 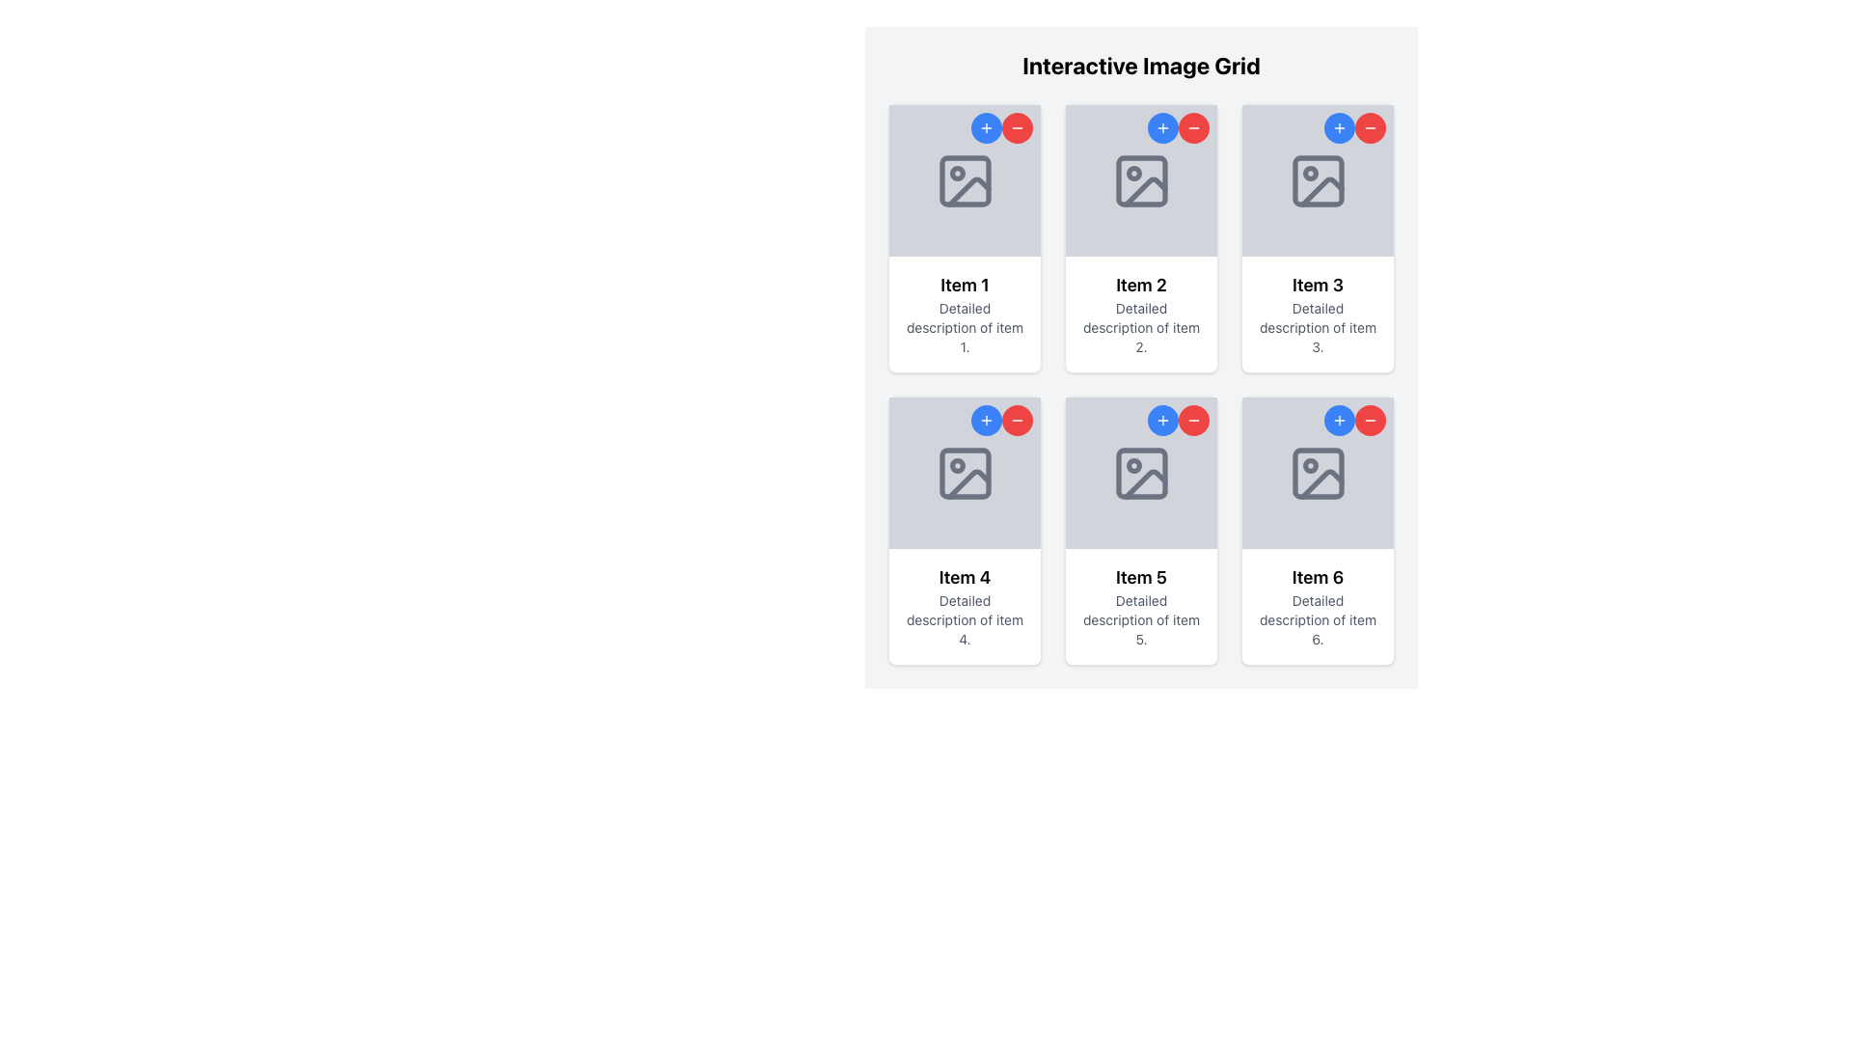 What do you see at coordinates (1161, 419) in the screenshot?
I see `the increment button for 'Item 5' located in the top-right section of its card` at bounding box center [1161, 419].